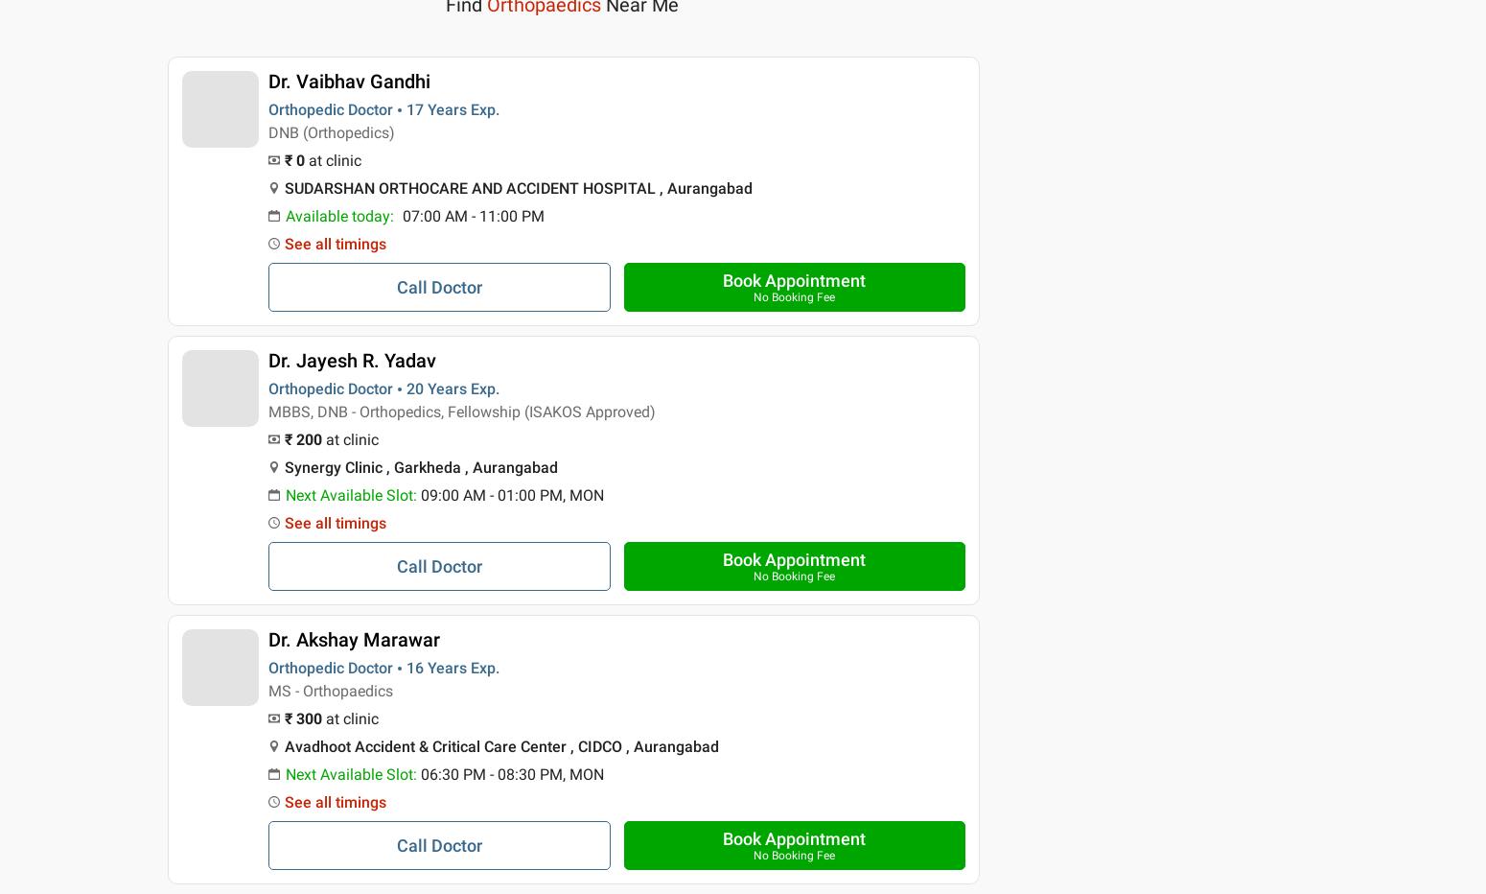 This screenshot has width=1486, height=894. I want to click on '₹ 300', so click(302, 718).